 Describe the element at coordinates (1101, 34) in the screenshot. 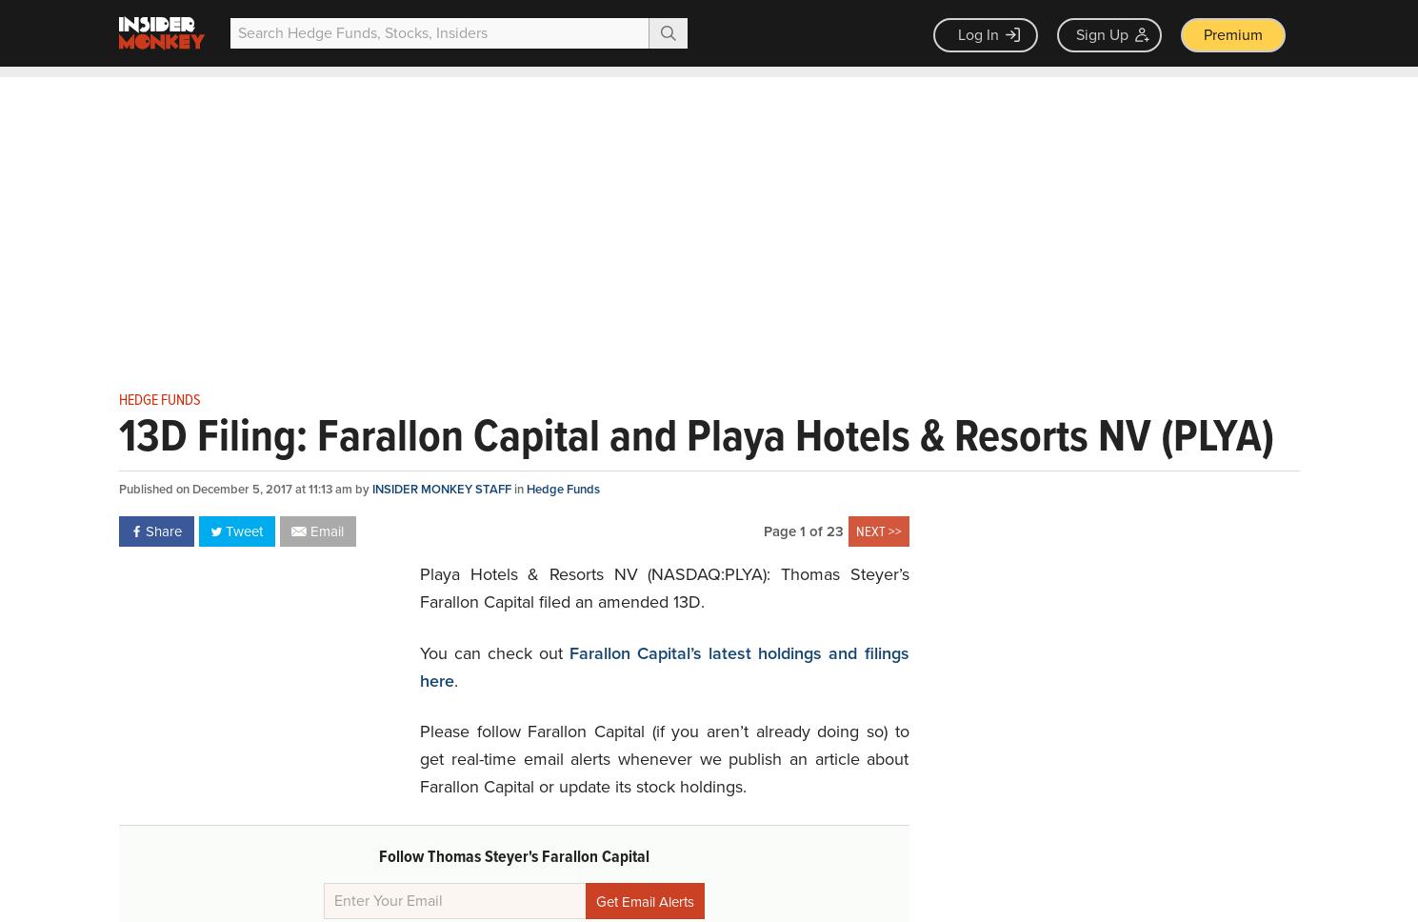

I see `'Sign Up'` at that location.